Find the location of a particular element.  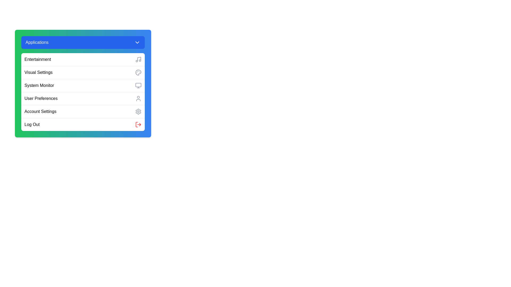

the menu item User Preferences to observe the interaction effect is located at coordinates (83, 98).